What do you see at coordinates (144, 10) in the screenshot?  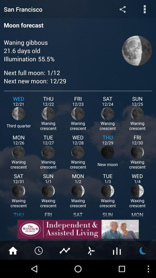 I see `the more icon` at bounding box center [144, 10].